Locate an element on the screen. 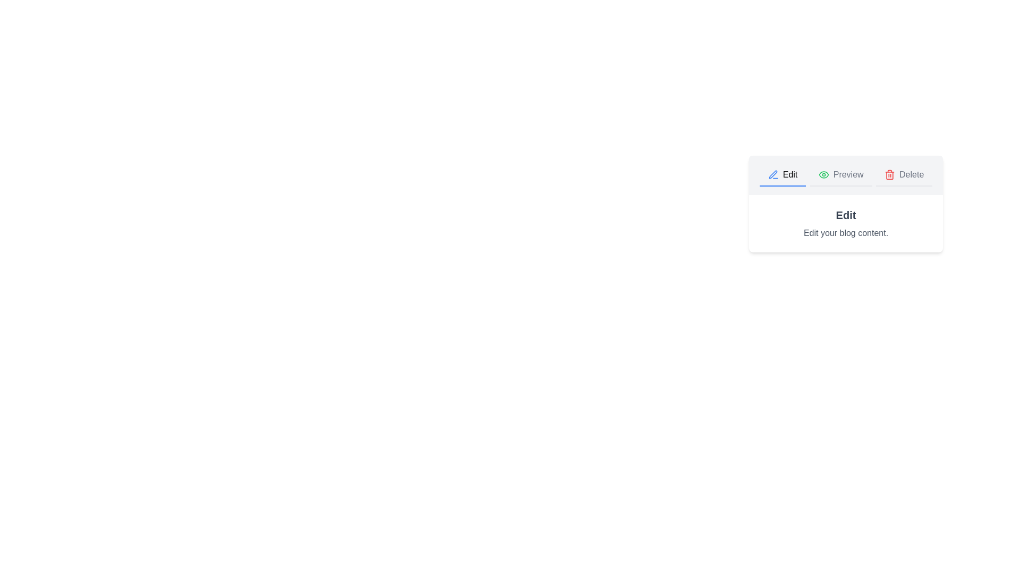  the Edit tab to view its content is located at coordinates (783, 175).